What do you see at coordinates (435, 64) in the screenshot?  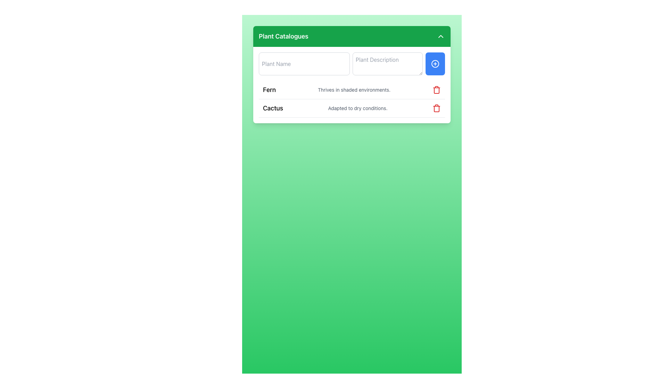 I see `the circular area that is part of the '+' icon located in the top-right corner of the user input area for adding a new plant entry` at bounding box center [435, 64].